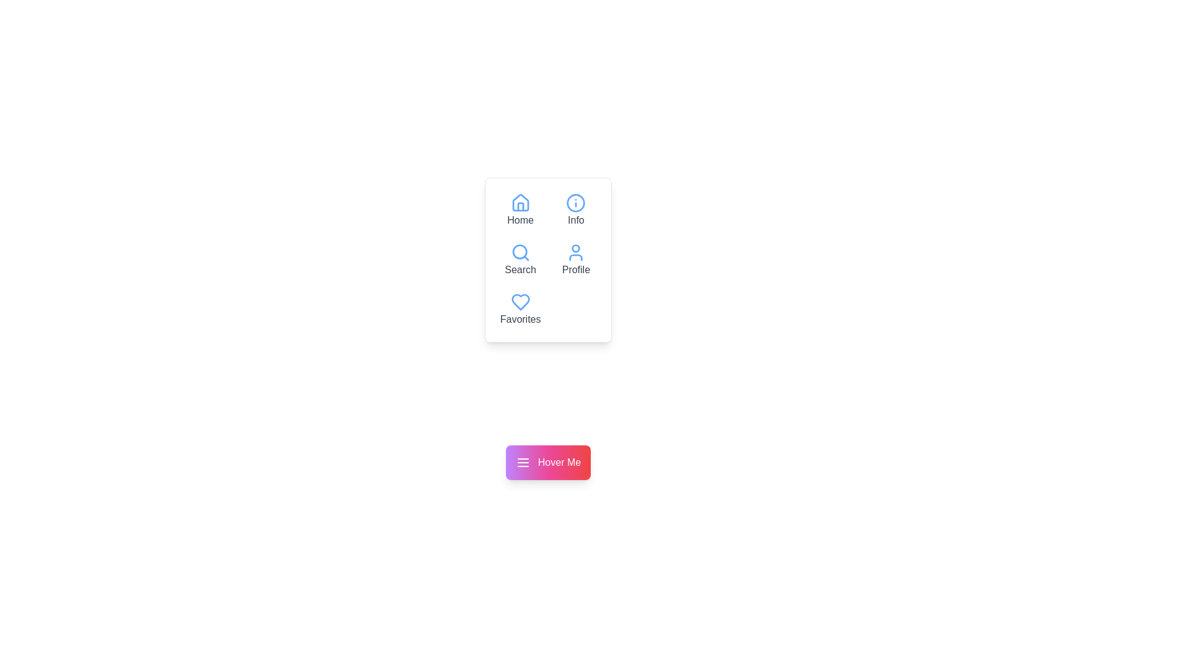 This screenshot has height=669, width=1189. I want to click on the menu icon located on the left side of the 'Hover Me' button at the bottom center of the interface, so click(523, 463).